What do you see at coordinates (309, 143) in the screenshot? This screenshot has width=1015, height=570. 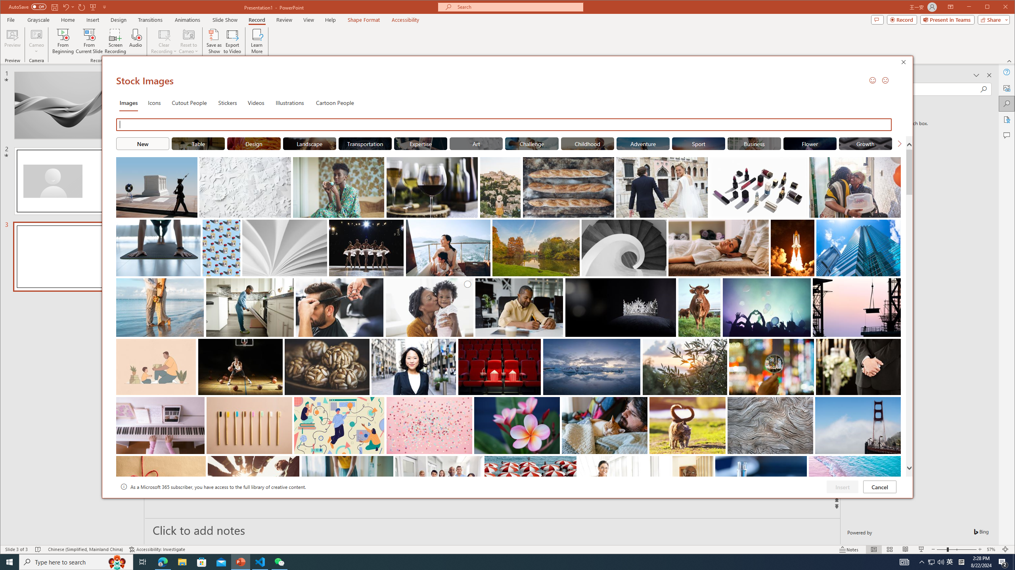 I see `'"Landscape" Stock Images.'` at bounding box center [309, 143].